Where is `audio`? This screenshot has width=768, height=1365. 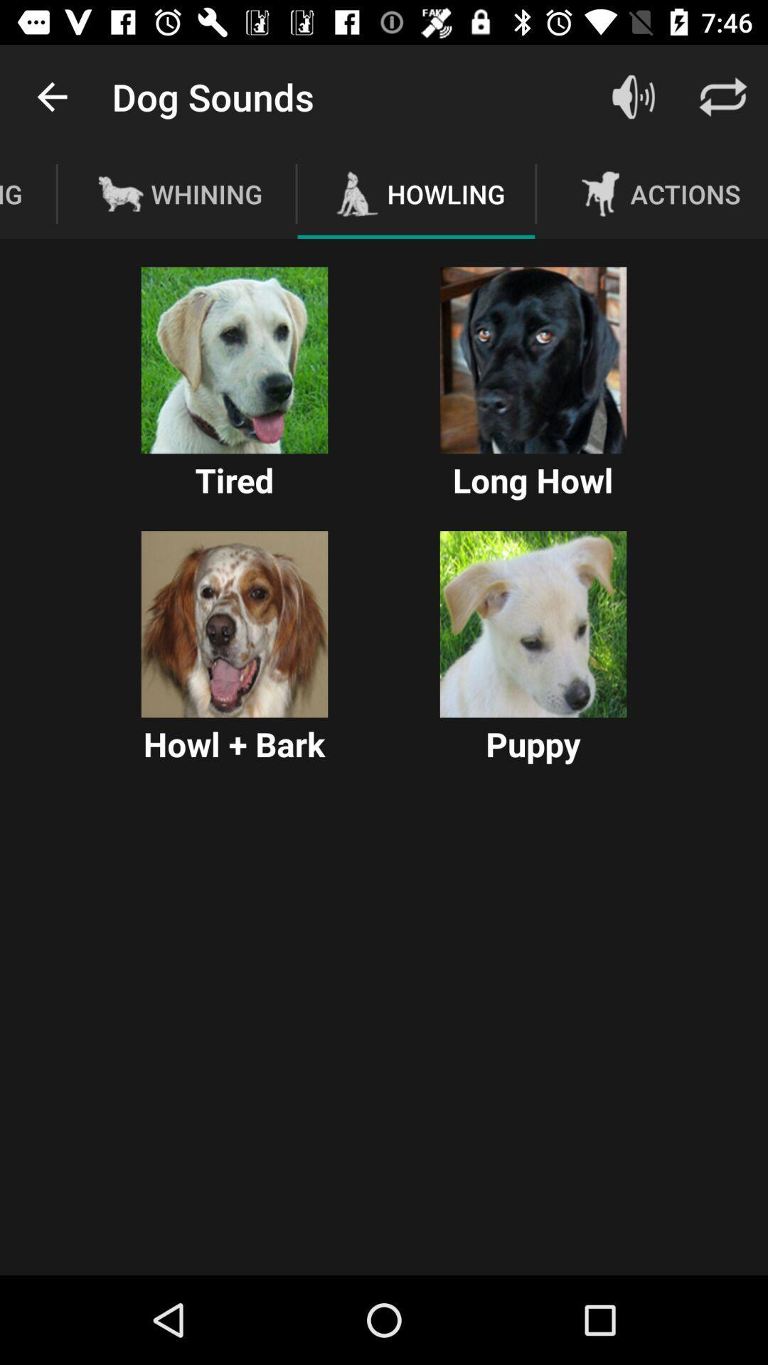 audio is located at coordinates (533, 624).